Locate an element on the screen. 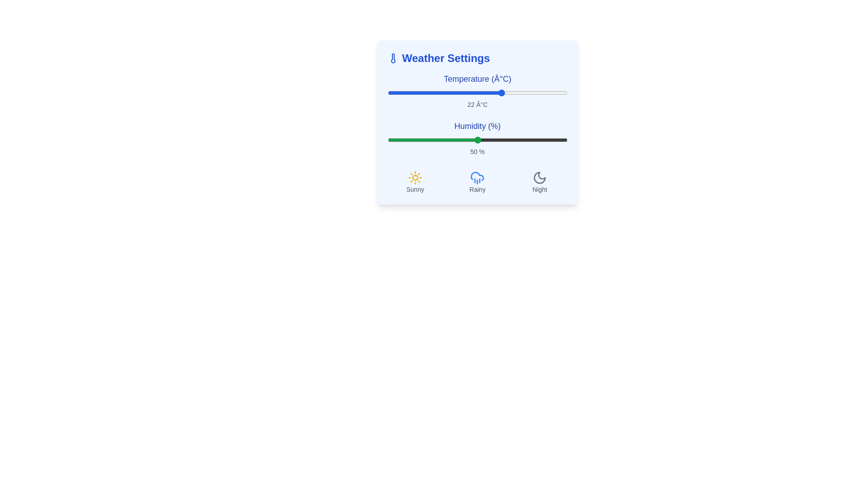 The image size is (863, 485). the temperature is located at coordinates (449, 93).